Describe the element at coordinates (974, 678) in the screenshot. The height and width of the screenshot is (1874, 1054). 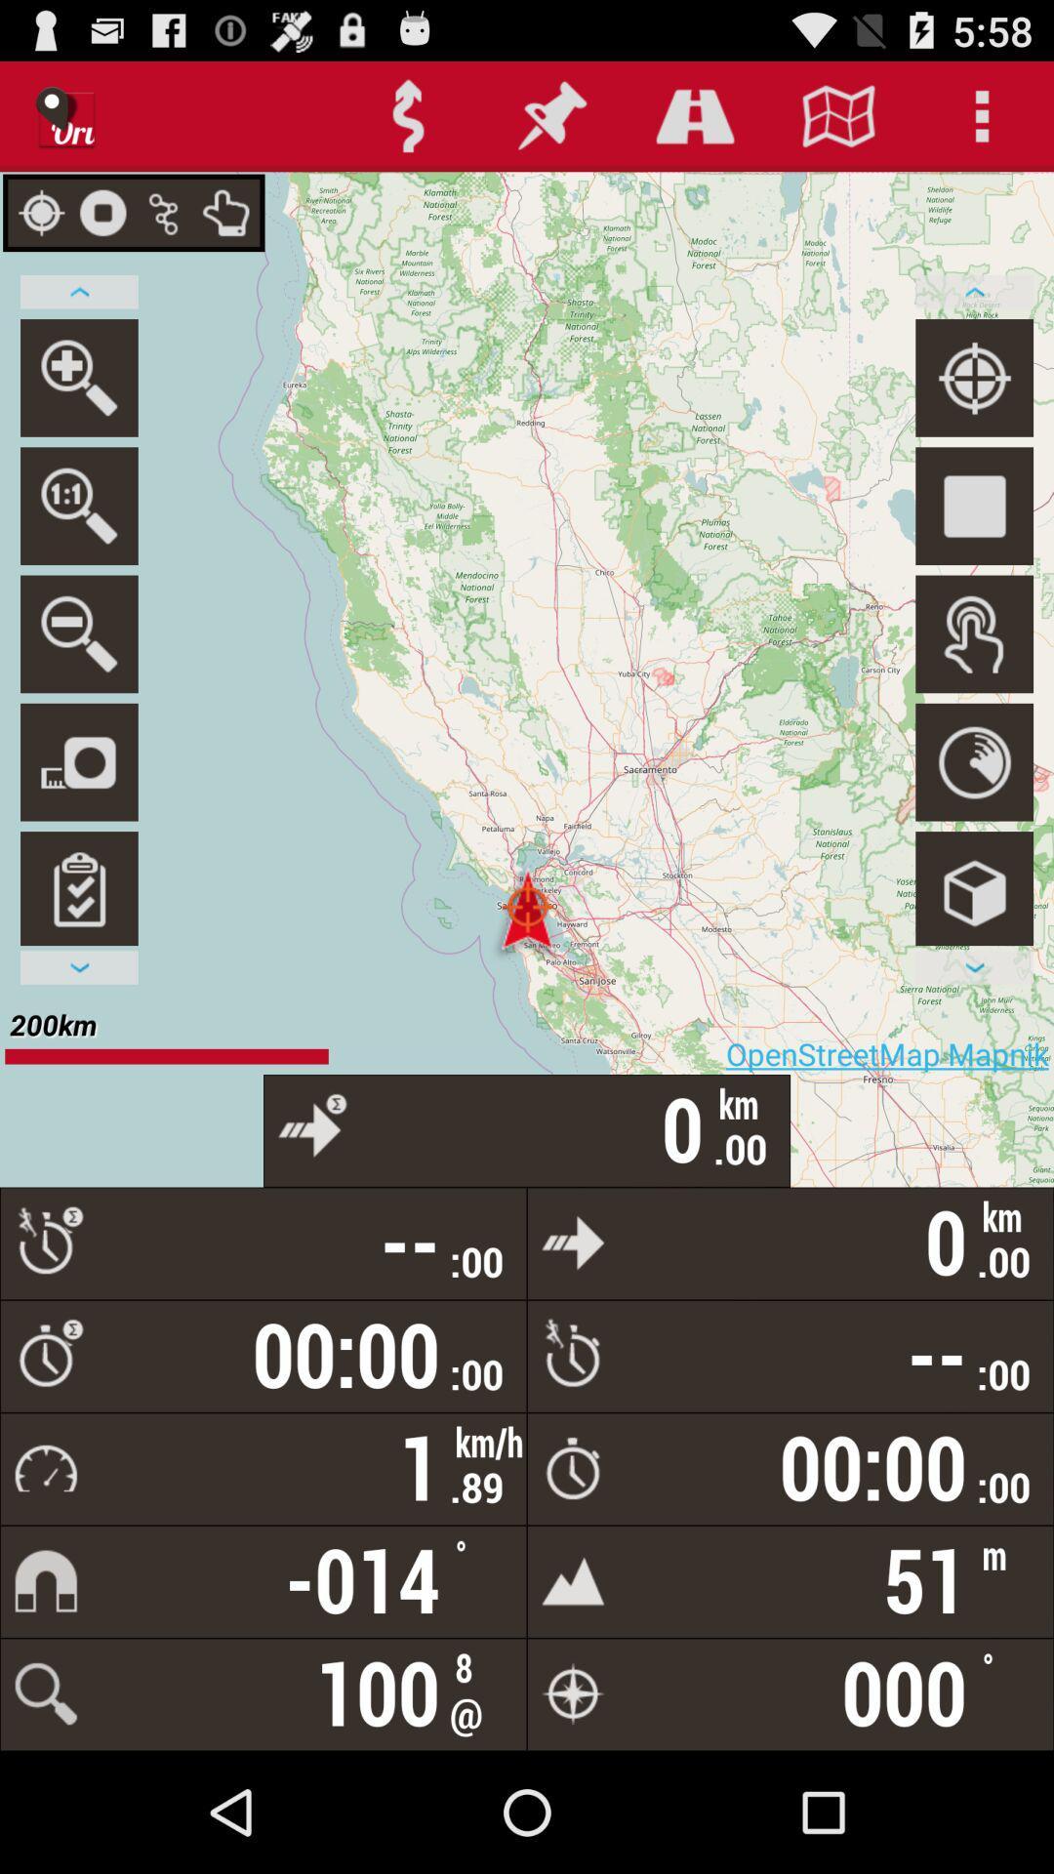
I see `the avatar icon` at that location.